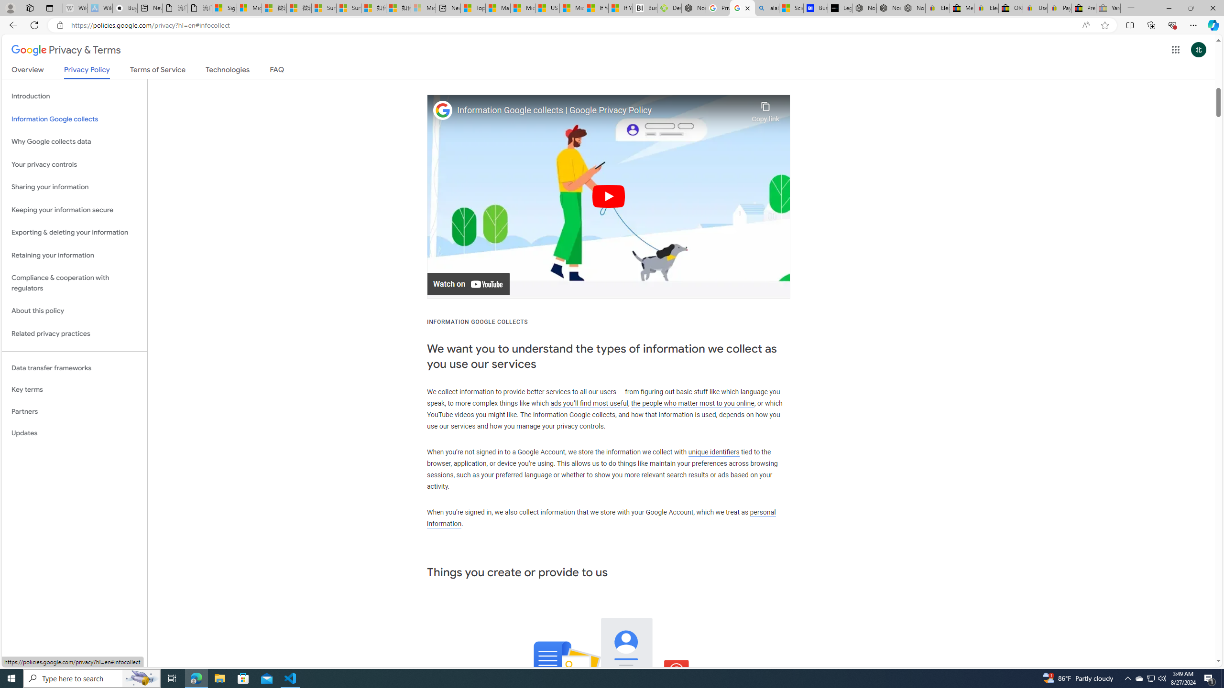  Describe the element at coordinates (669, 8) in the screenshot. I see `'Descarga Driver Updater'` at that location.